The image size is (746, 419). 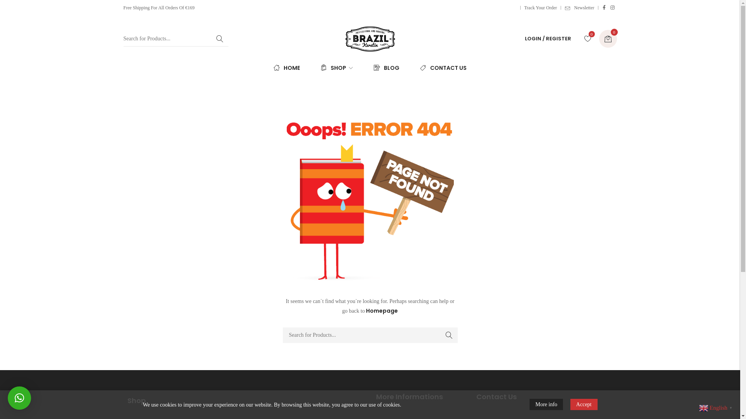 I want to click on 'Newsletter', so click(x=580, y=7).